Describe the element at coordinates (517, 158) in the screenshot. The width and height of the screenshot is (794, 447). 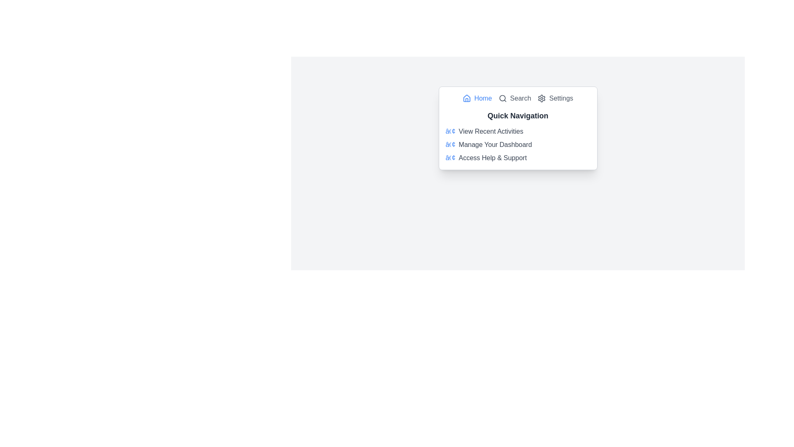
I see `the informational text element with an icon located in the Quick Navigation section, which is the third entry in the vertical list` at that location.